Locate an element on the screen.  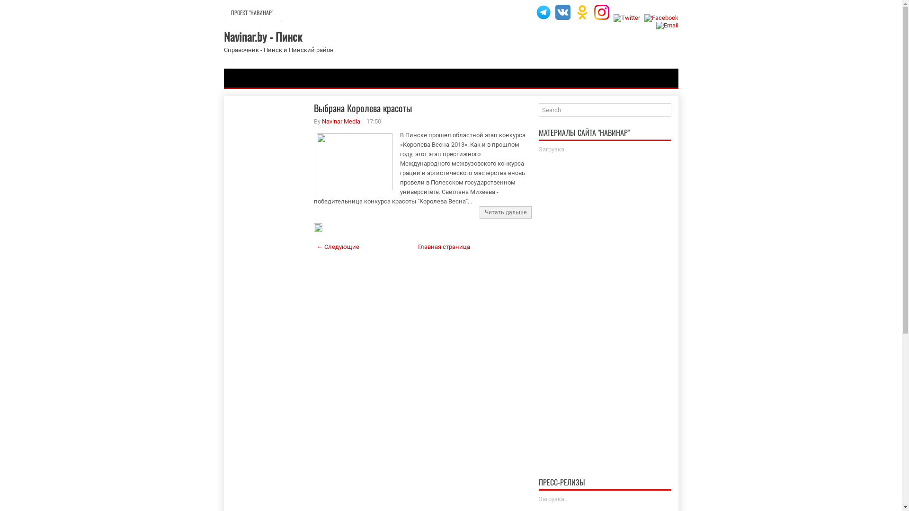
'Twitter' is located at coordinates (627, 18).